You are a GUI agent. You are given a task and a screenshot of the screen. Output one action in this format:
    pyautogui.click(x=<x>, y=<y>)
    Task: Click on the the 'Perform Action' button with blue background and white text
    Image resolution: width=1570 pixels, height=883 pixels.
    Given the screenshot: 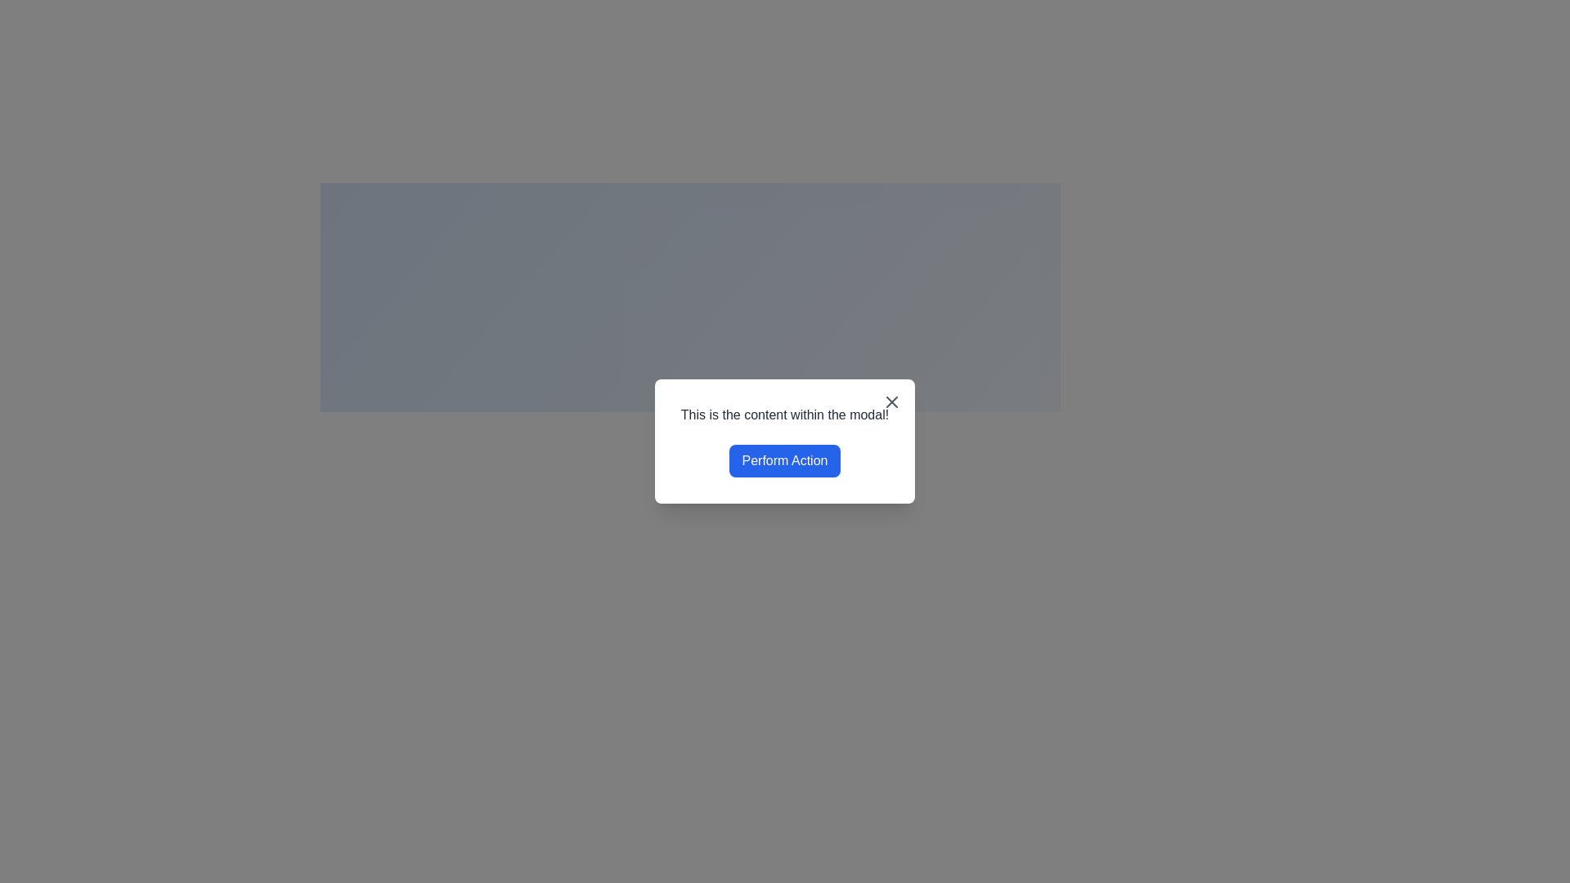 What is the action you would take?
    pyautogui.click(x=785, y=460)
    